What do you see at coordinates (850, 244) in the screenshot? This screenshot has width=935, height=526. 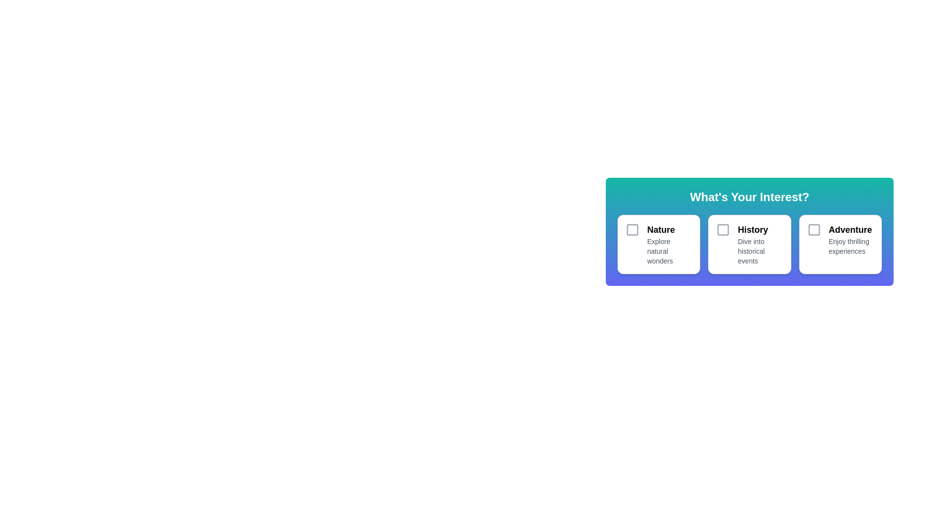 I see `information presented in the text block element that contains 'Adventure' and 'Enjoy thrilling experiences', which is located in the rightmost box under 'What's Your Interest?'` at bounding box center [850, 244].